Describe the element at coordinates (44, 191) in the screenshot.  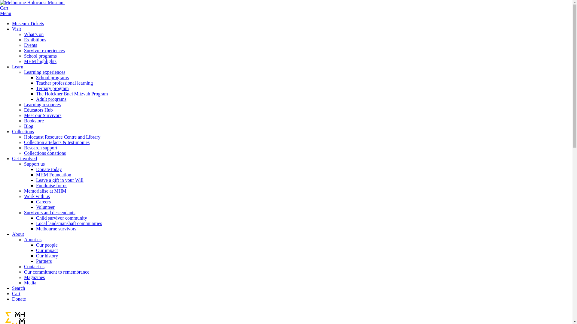
I see `'Memorialise at MHM'` at that location.